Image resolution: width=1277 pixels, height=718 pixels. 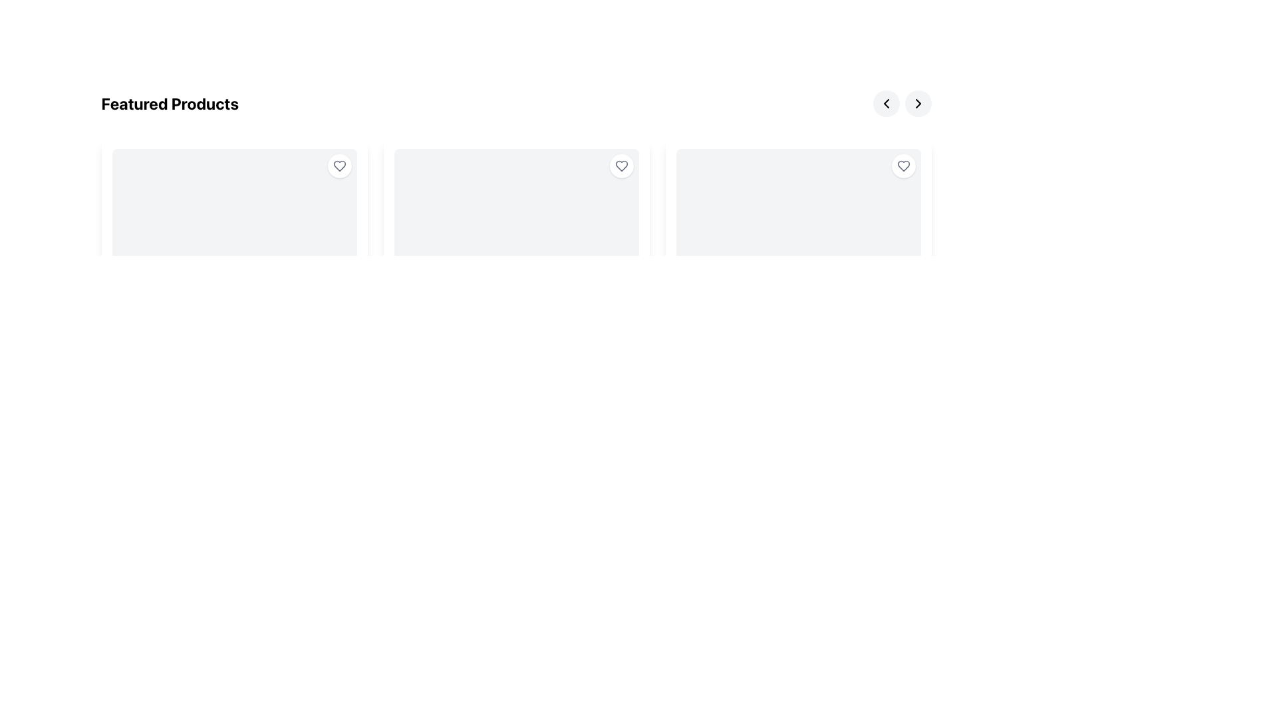 What do you see at coordinates (886, 102) in the screenshot?
I see `the left-pointing arrow icon embedded in a rounded square button with a light gray background` at bounding box center [886, 102].